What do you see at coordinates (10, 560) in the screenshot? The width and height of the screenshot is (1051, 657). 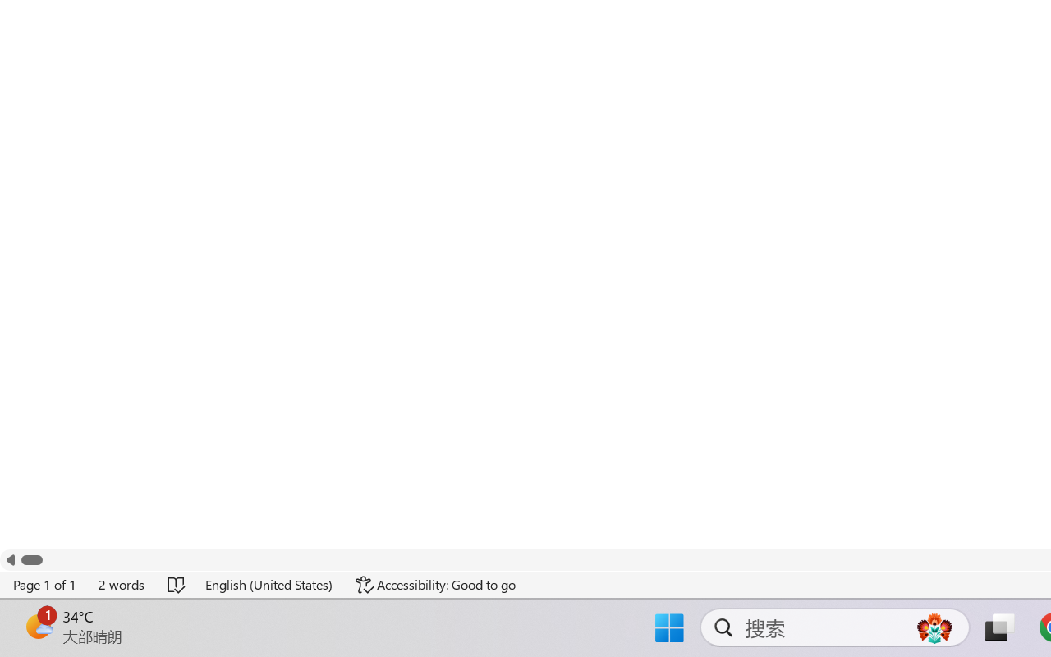 I see `'Column left'` at bounding box center [10, 560].